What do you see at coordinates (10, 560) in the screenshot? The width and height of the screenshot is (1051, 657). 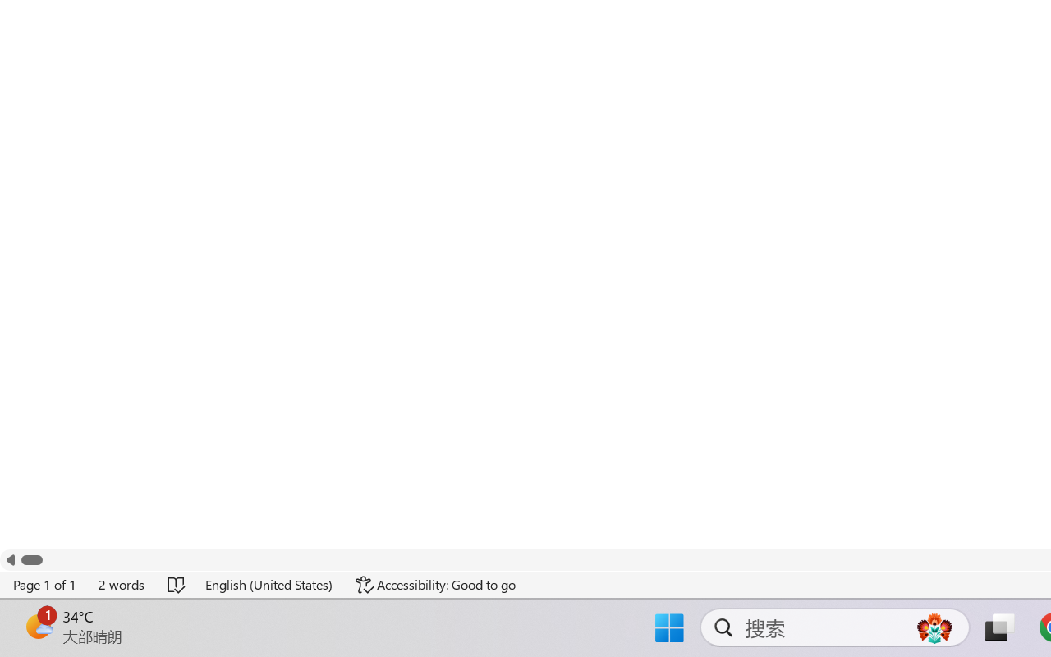 I see `'Column left'` at bounding box center [10, 560].